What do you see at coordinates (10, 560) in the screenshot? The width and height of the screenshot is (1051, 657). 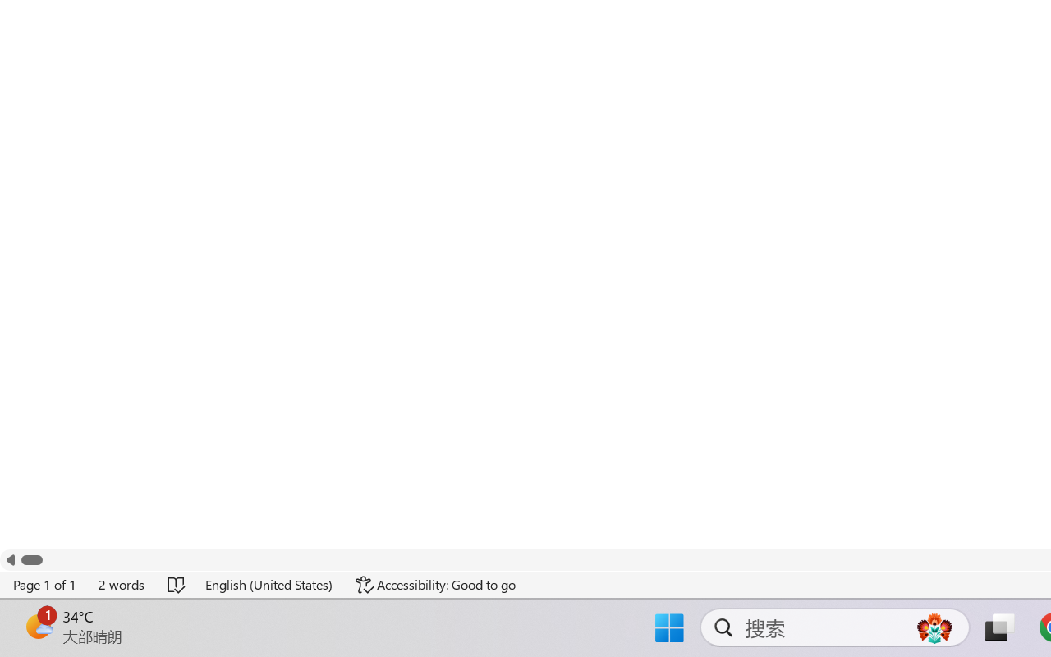 I see `'Column left'` at bounding box center [10, 560].